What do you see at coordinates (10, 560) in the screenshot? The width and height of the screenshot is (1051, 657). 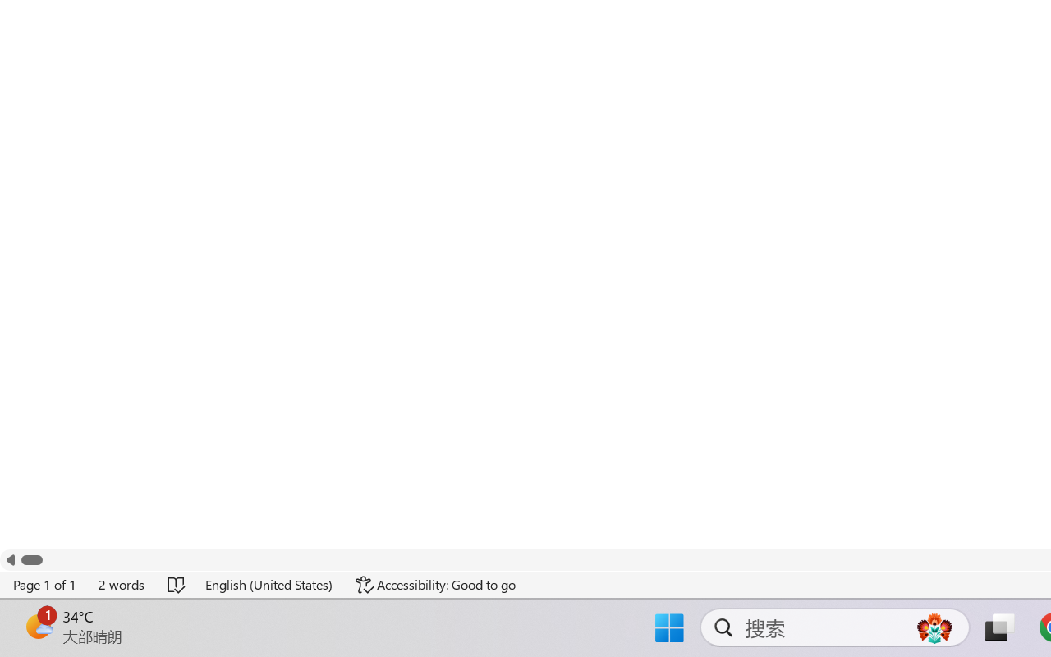 I see `'Column left'` at bounding box center [10, 560].